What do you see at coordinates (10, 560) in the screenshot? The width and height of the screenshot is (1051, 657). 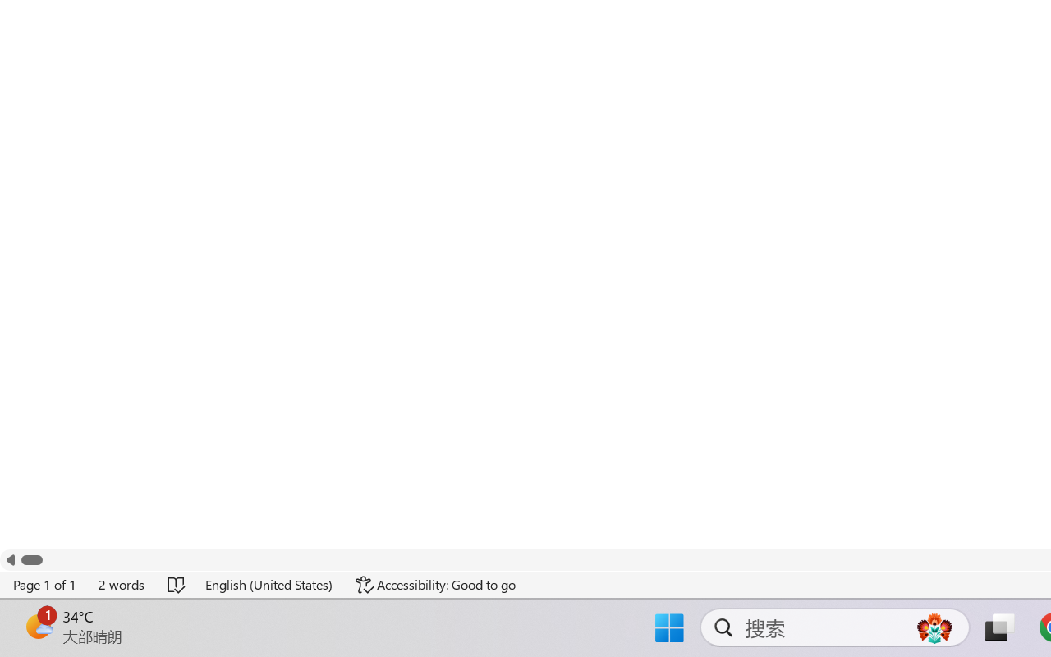 I see `'Column left'` at bounding box center [10, 560].